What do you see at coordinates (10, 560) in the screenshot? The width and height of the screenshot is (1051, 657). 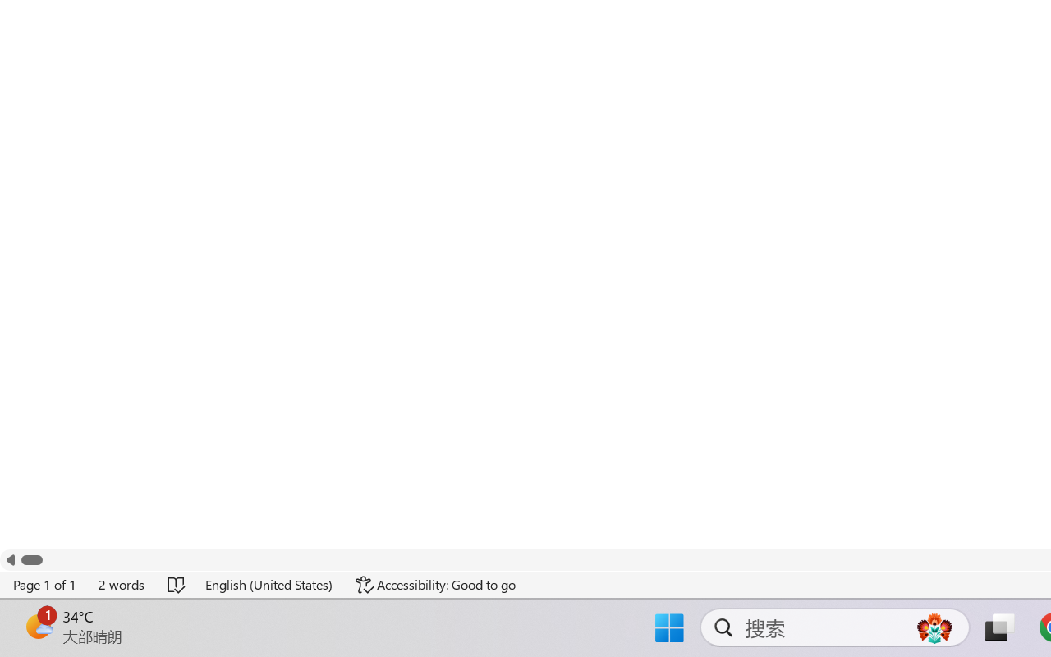 I see `'Column left'` at bounding box center [10, 560].